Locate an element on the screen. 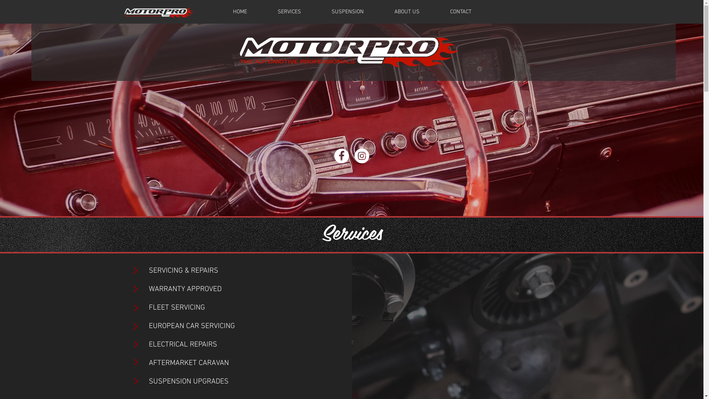 The width and height of the screenshot is (709, 399). 'ABOUT US' is located at coordinates (406, 11).